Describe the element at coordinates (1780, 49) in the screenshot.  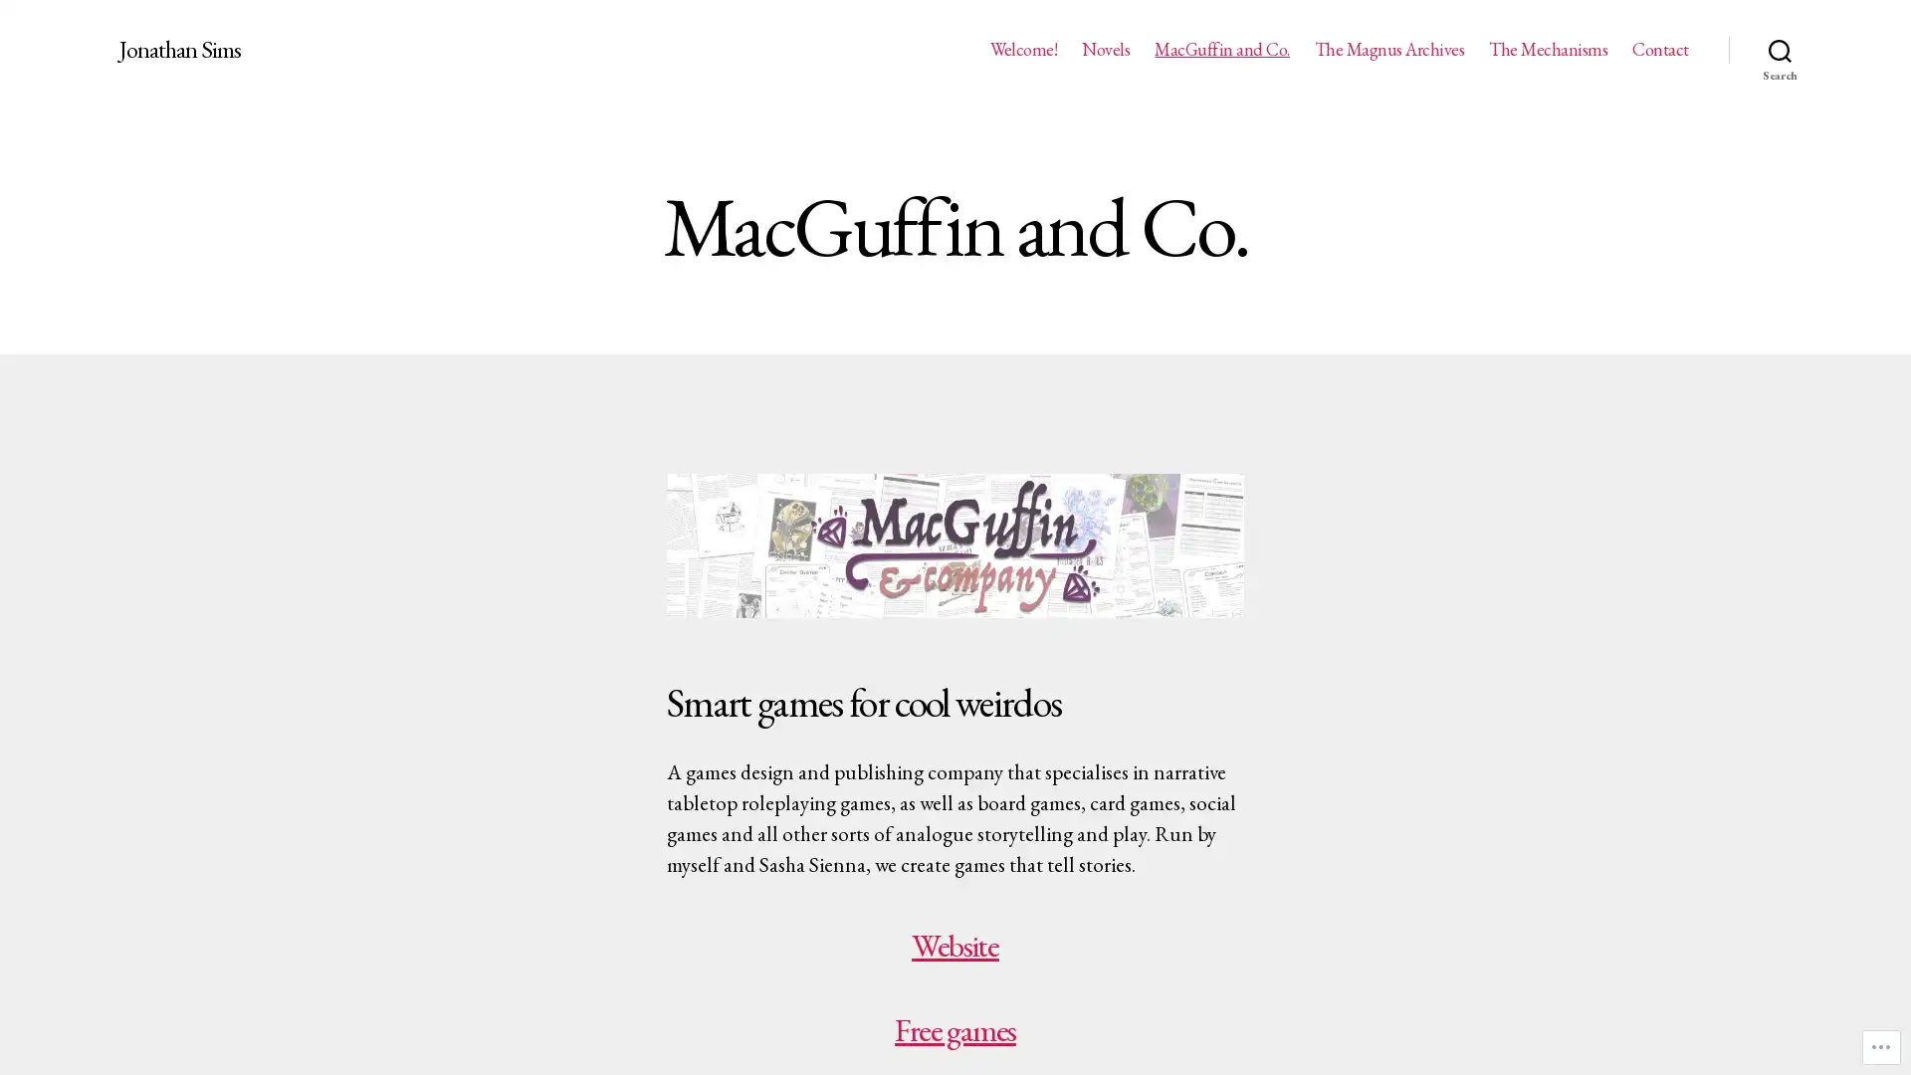
I see `Search` at that location.